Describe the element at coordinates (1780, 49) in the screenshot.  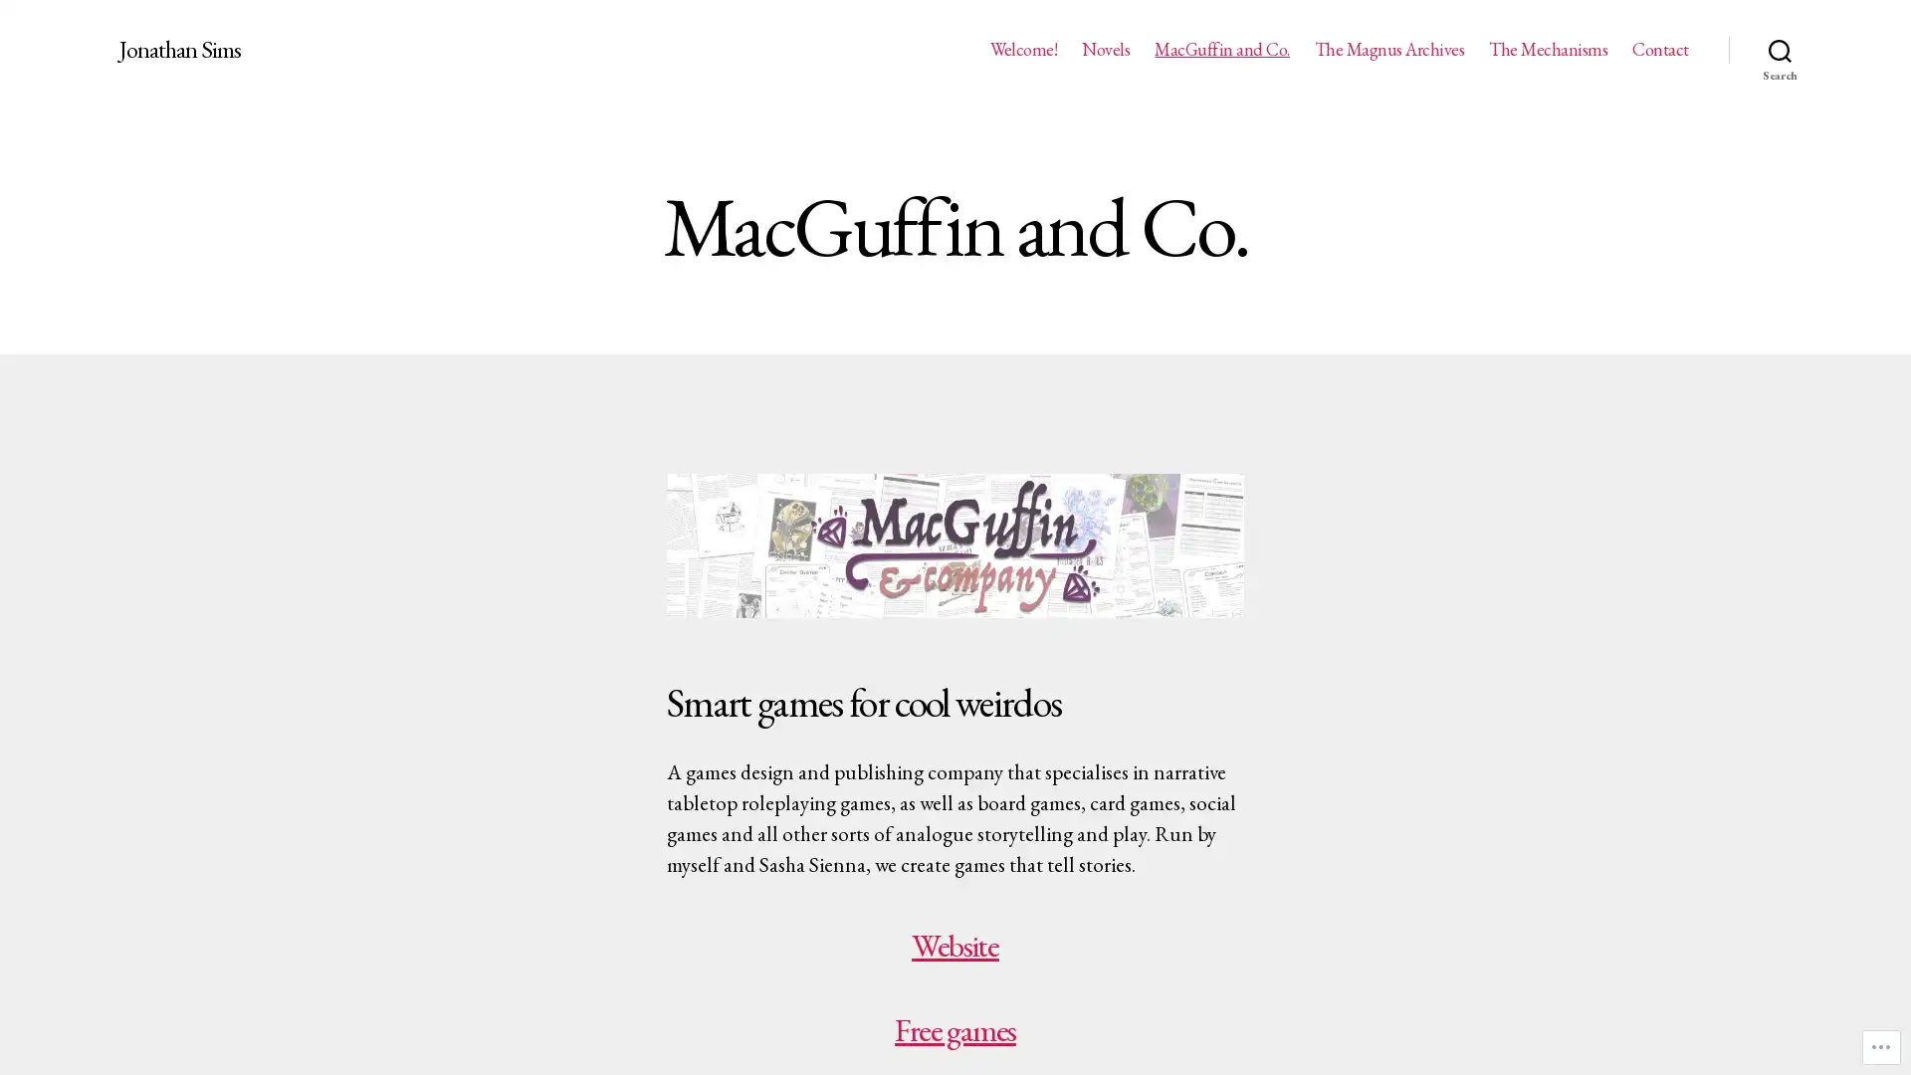
I see `Search` at that location.